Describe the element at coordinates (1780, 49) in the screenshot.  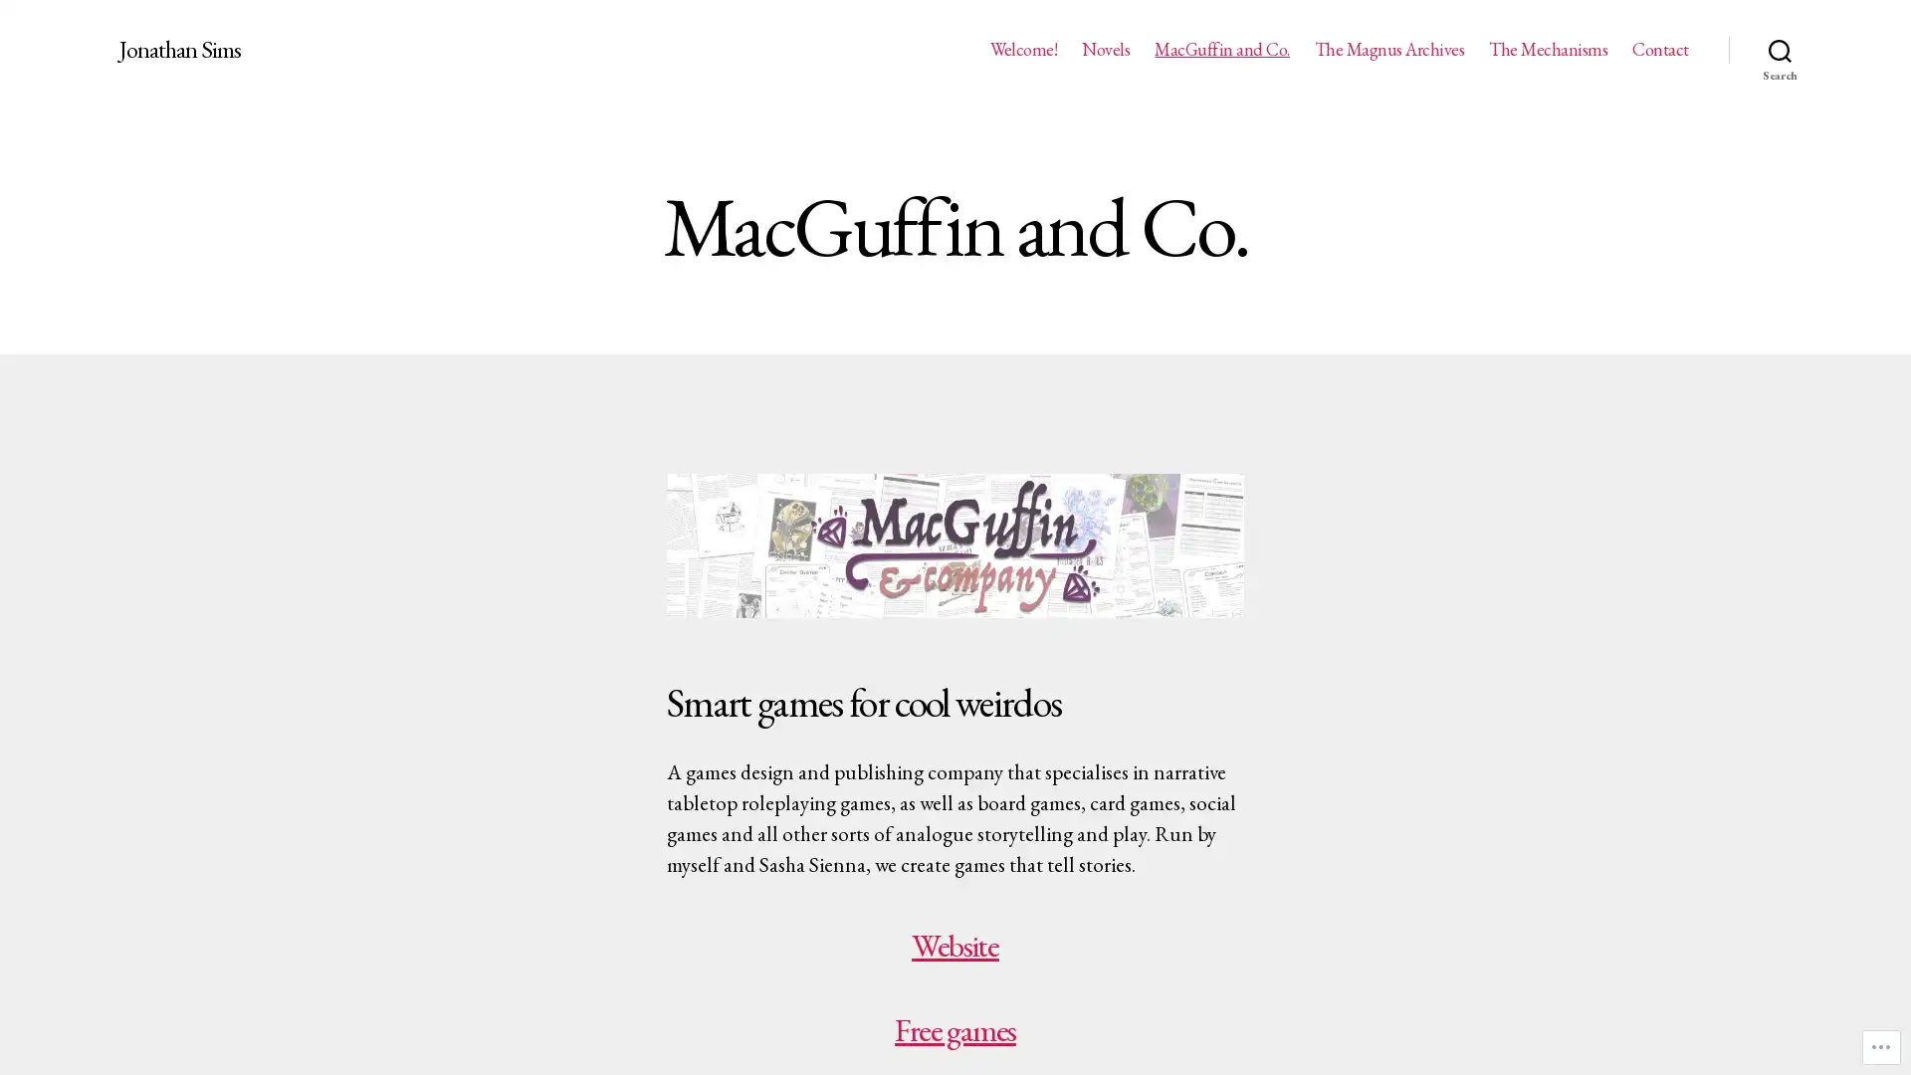
I see `Search` at that location.